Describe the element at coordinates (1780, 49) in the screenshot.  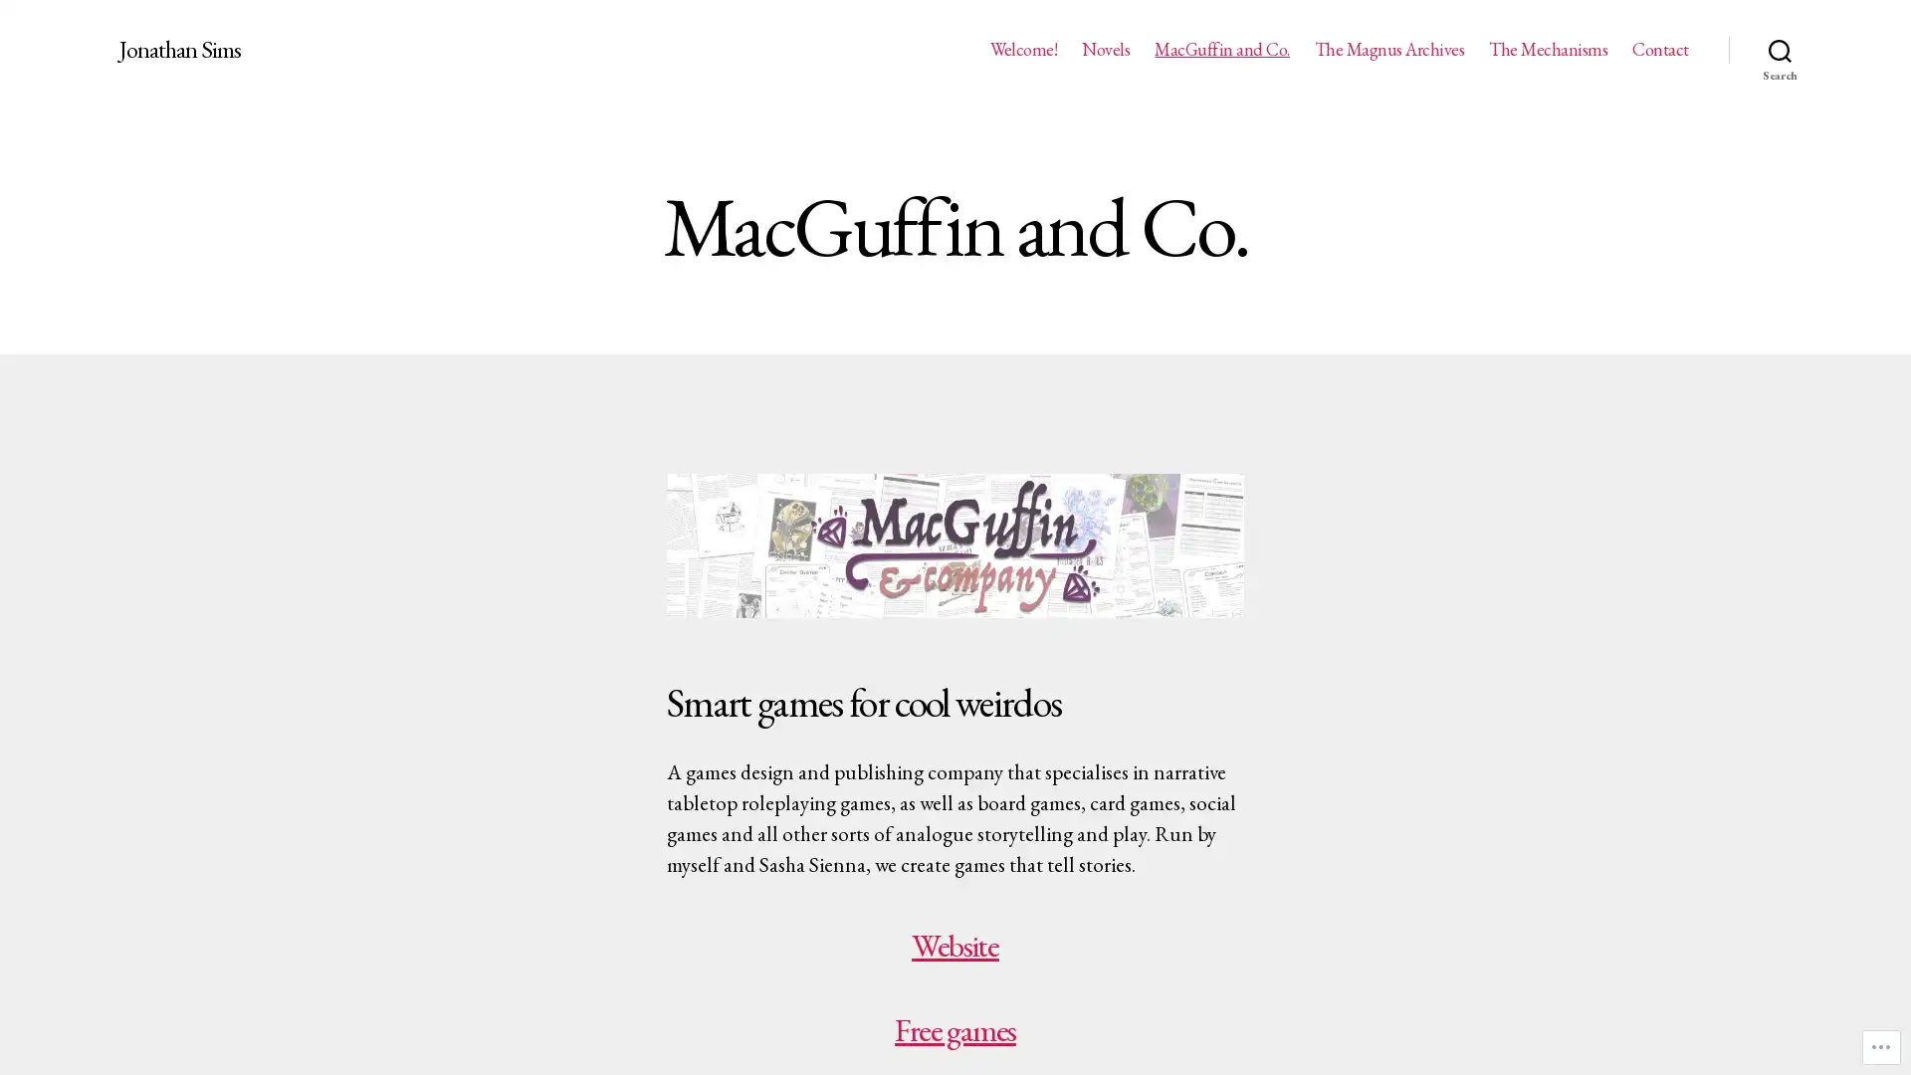
I see `Search` at that location.